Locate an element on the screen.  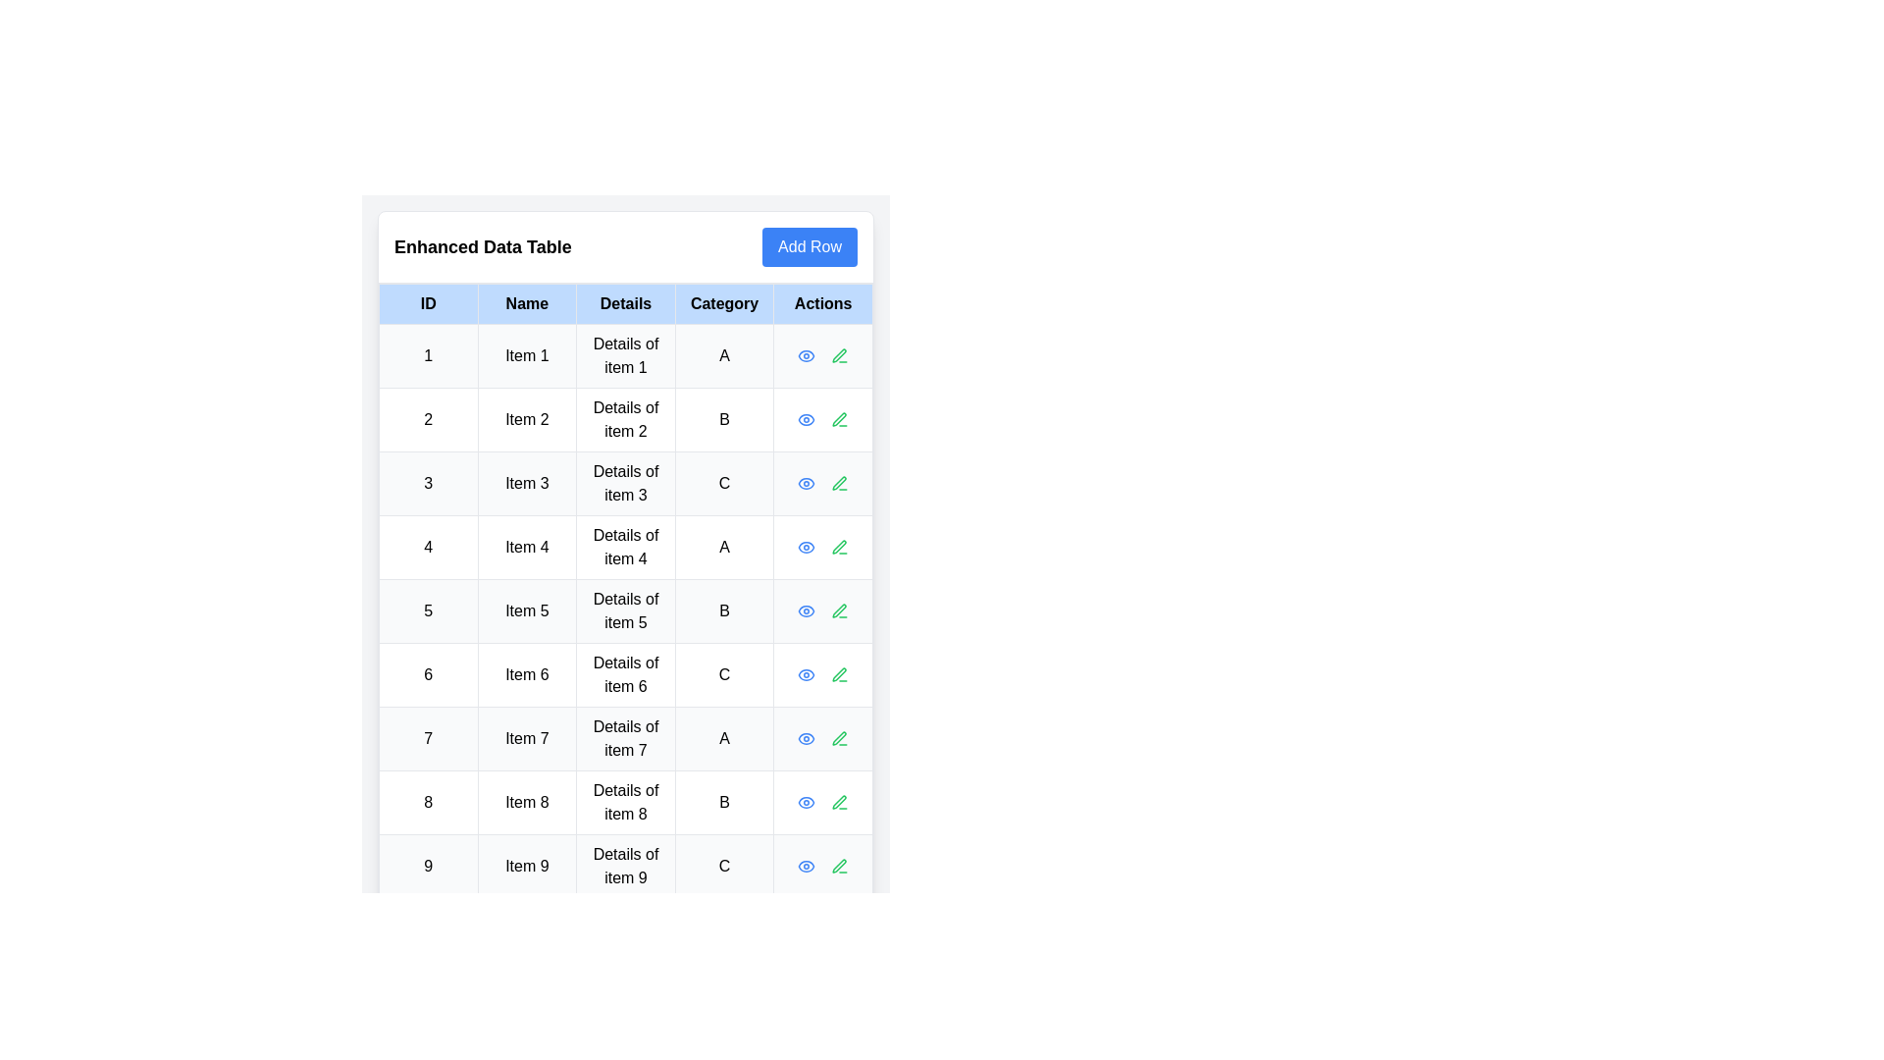
the blue eye icon button in the 'Actions' column of 'Item 8' is located at coordinates (807, 802).